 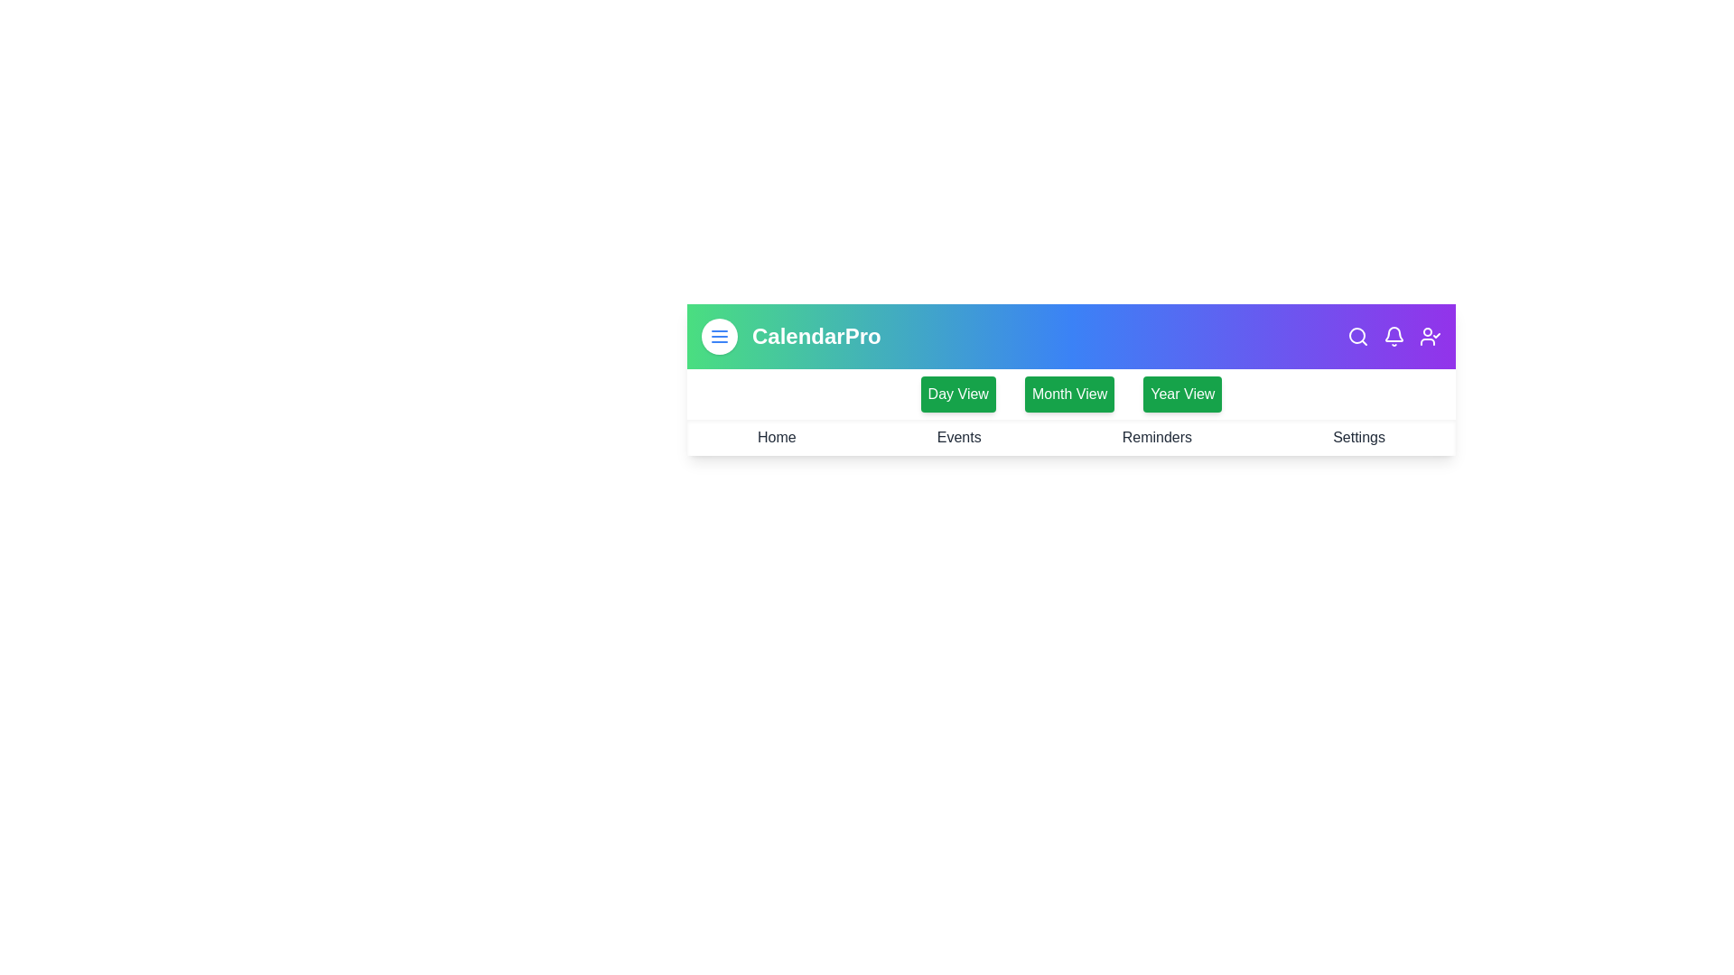 I want to click on the navigation link labeled Home, so click(x=776, y=438).